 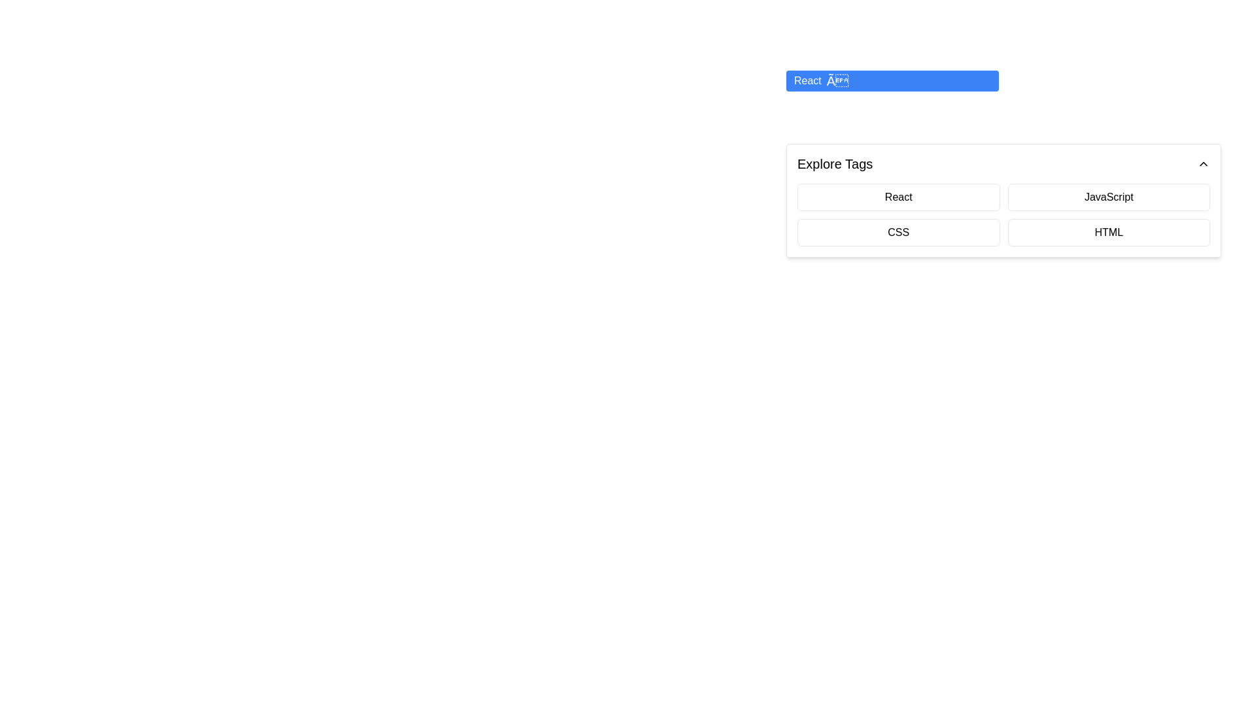 I want to click on the close icon button displaying '×', so click(x=837, y=80).